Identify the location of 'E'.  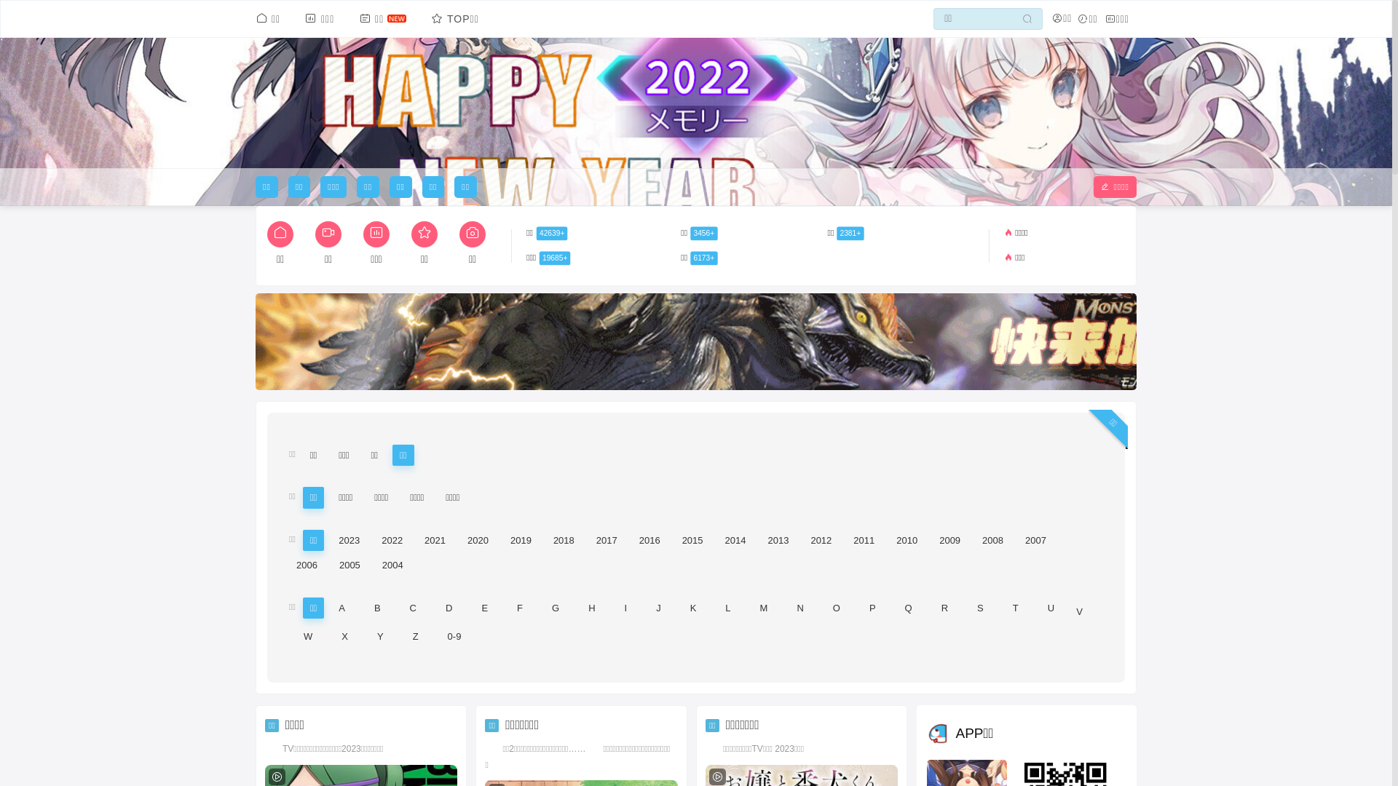
(484, 608).